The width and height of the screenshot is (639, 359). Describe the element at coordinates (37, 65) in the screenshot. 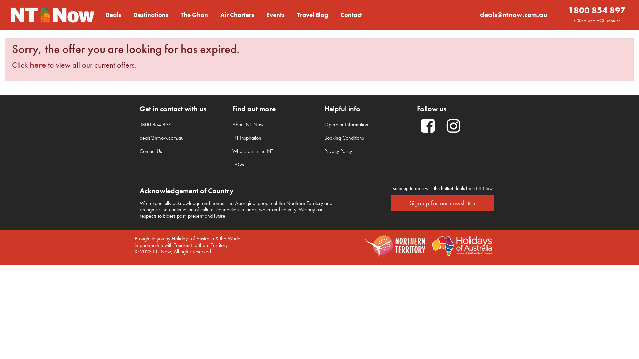

I see `'here'` at that location.